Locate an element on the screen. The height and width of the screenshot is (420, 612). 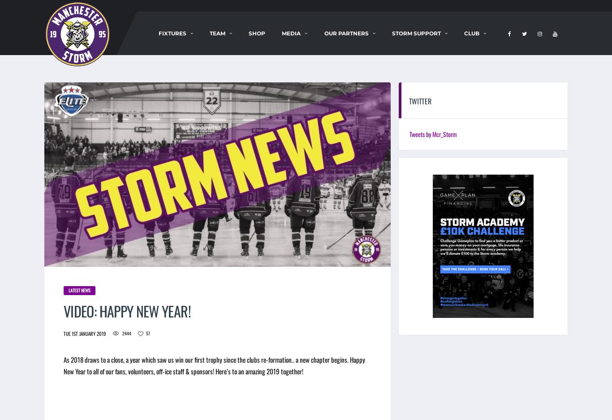
'Social Media' is located at coordinates (307, 43).